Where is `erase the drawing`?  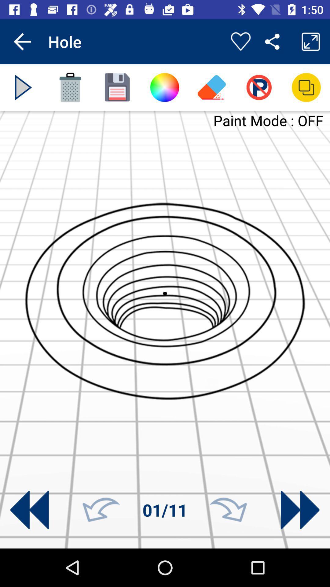 erase the drawing is located at coordinates (70, 87).